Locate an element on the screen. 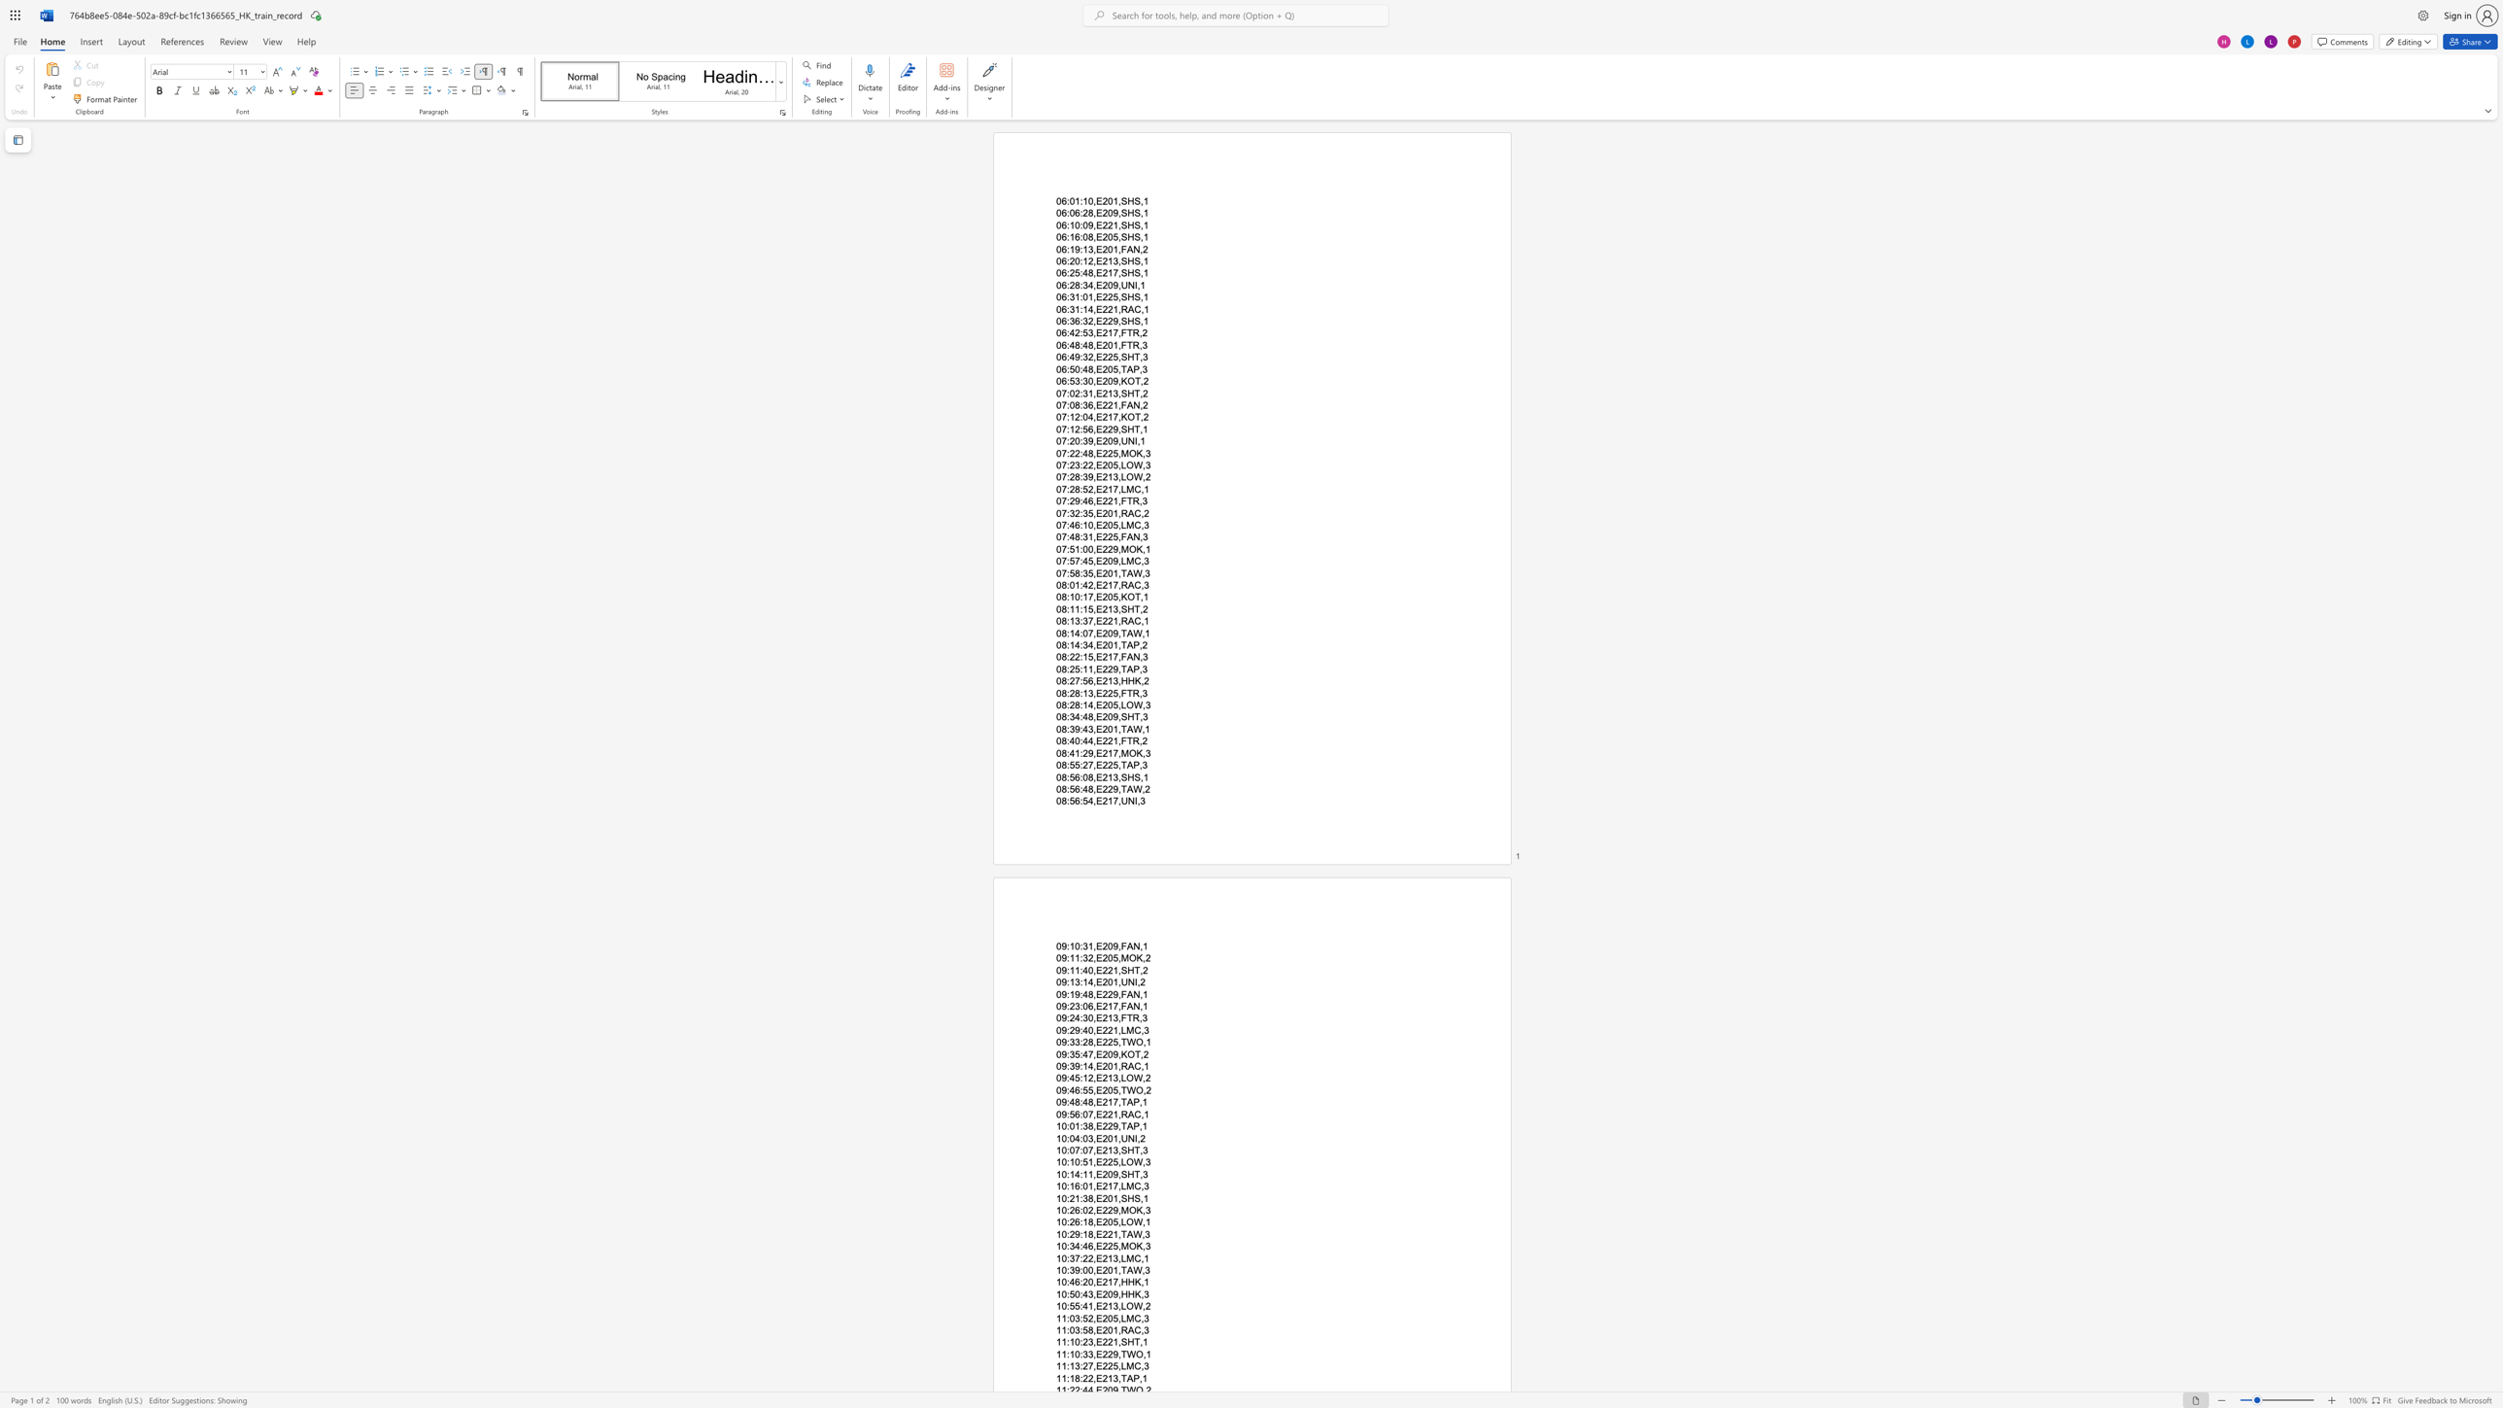 The height and width of the screenshot is (1408, 2503). the subset text ",1" within the text "09:10:31,E209,FAN,1" is located at coordinates (1139, 944).